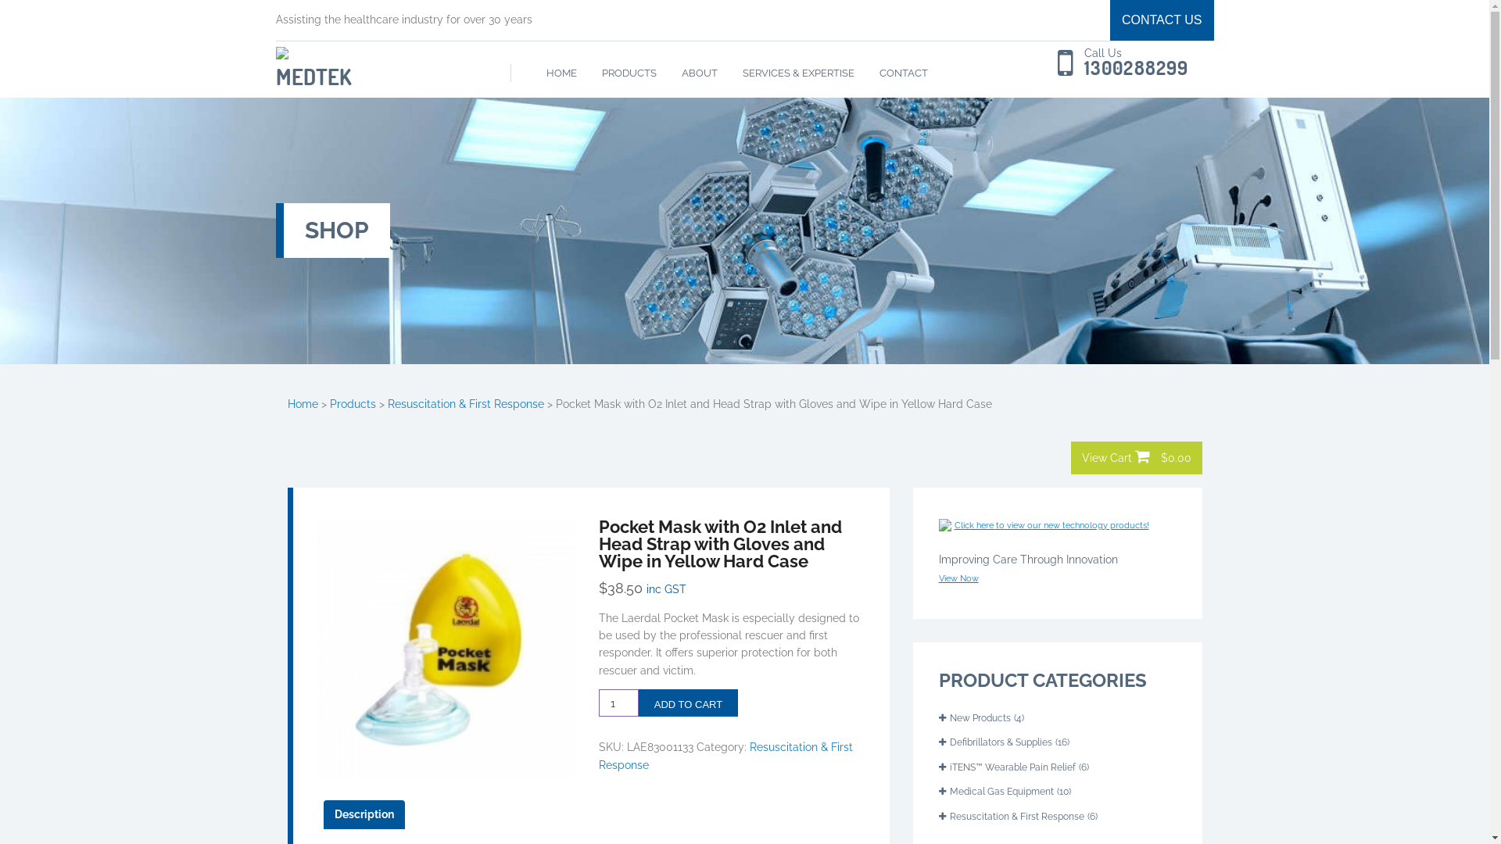  Describe the element at coordinates (1051, 524) in the screenshot. I see `'Click here to view our new technology products!'` at that location.